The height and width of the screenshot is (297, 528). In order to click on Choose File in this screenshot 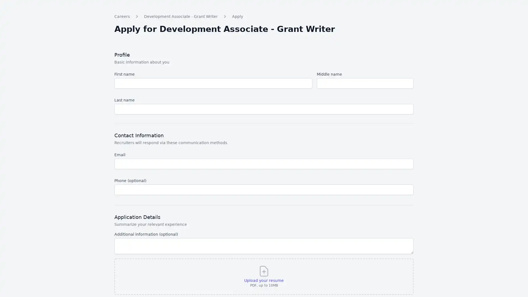, I will do `click(277, 290)`.